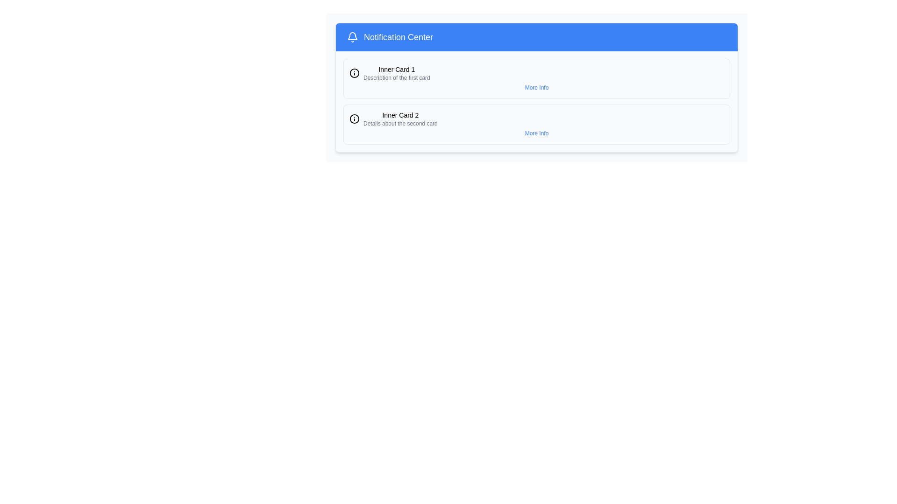 The width and height of the screenshot is (897, 504). Describe the element at coordinates (536, 133) in the screenshot. I see `the hyperlink in the lower right of the card for 'Inner Card 2'` at that location.